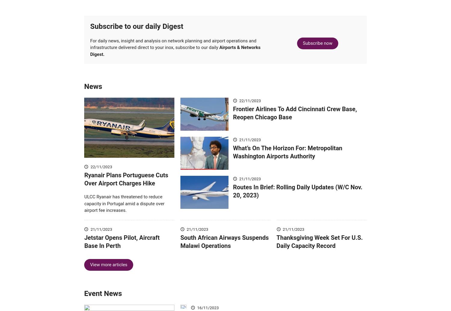 This screenshot has width=451, height=311. What do you see at coordinates (276, 250) in the screenshot?
I see `'Thanksgiving Week Set For U.S. Daily Capacity Record'` at bounding box center [276, 250].